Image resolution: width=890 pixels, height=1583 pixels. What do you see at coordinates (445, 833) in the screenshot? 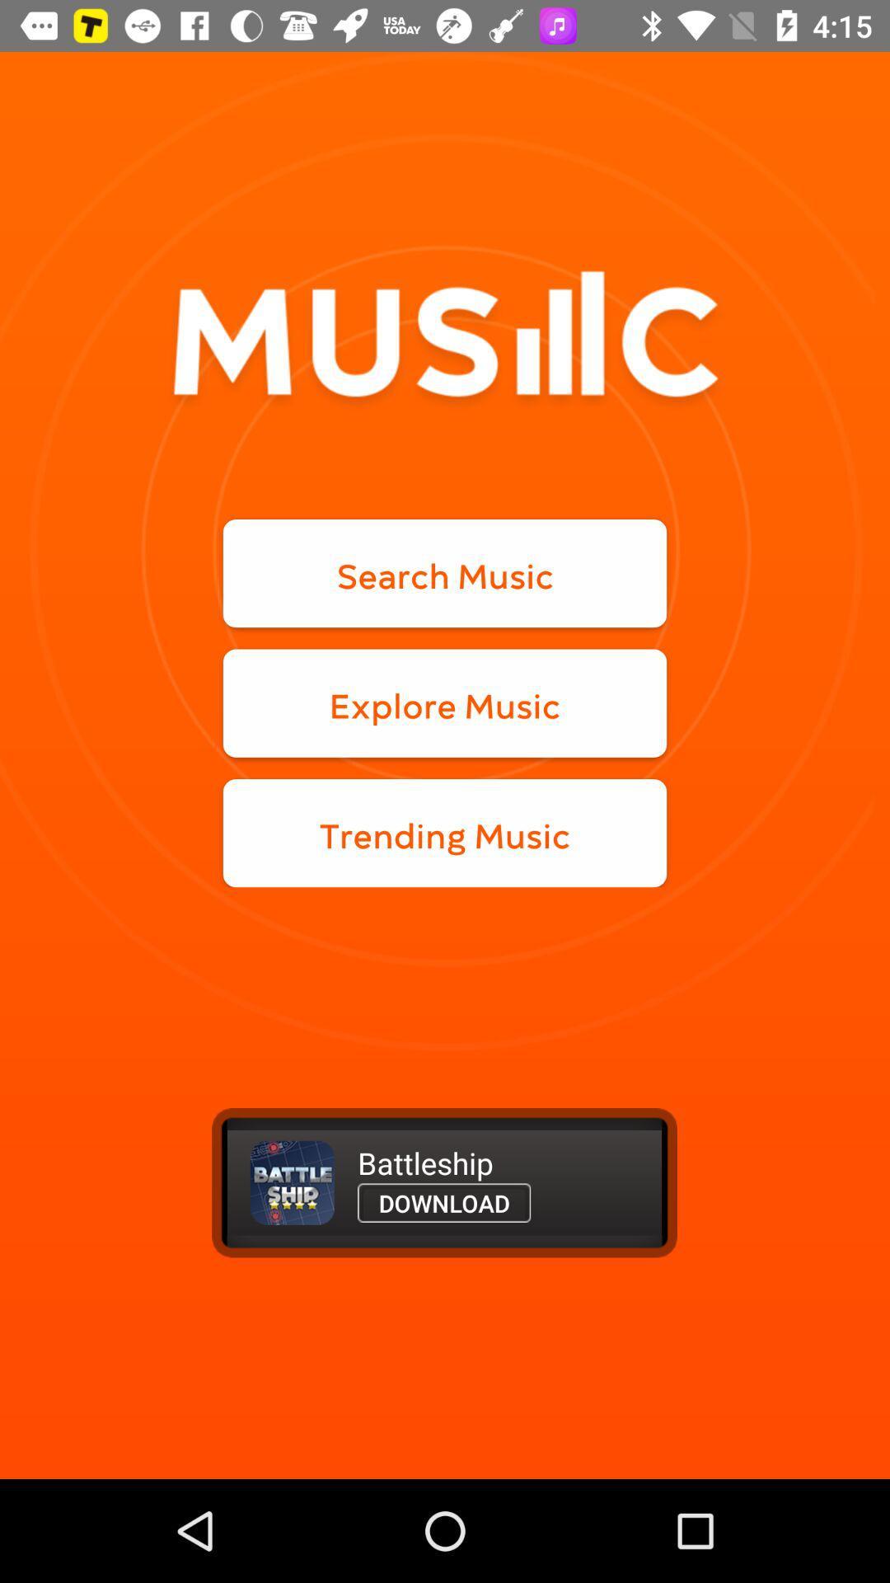
I see `trending music item` at bounding box center [445, 833].